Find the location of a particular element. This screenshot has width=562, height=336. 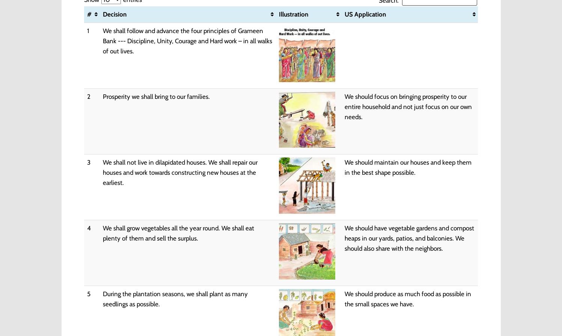

'We shall grow vegetables all the year round. We shall eat plenty of them and sell the surplus.' is located at coordinates (178, 233).